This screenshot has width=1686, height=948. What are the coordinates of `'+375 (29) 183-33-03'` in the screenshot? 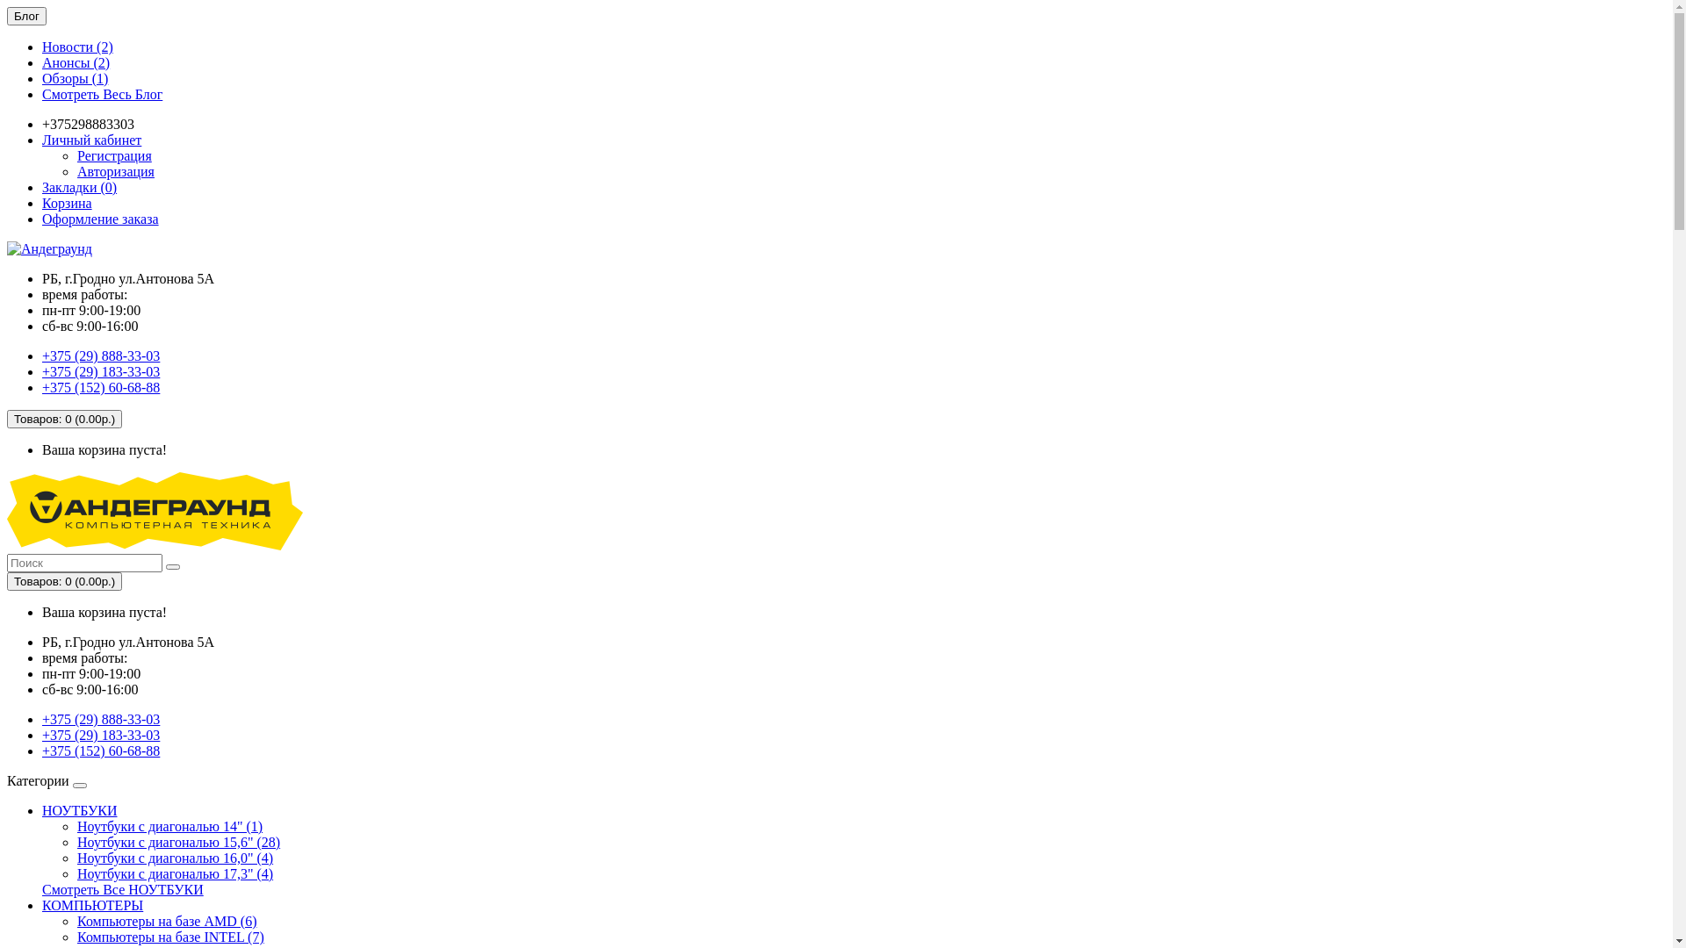 It's located at (100, 735).